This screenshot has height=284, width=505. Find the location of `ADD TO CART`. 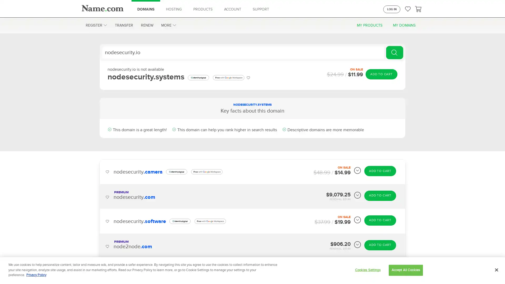

ADD TO CART is located at coordinates (380, 196).